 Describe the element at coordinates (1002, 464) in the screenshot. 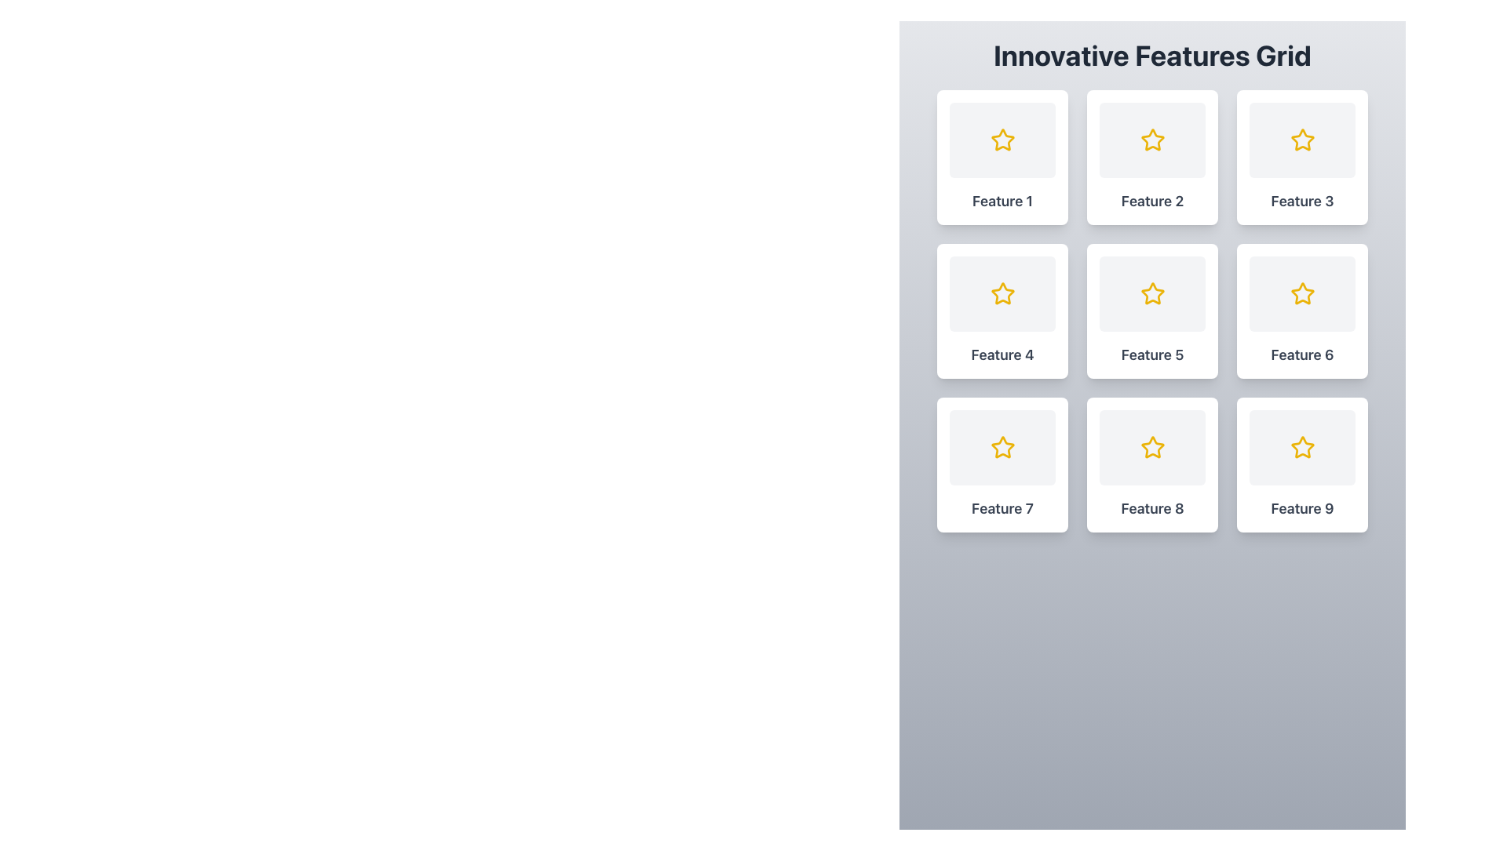

I see `the feature card component representing 'Feature 7' located in the bottom-left corner of the grid` at that location.